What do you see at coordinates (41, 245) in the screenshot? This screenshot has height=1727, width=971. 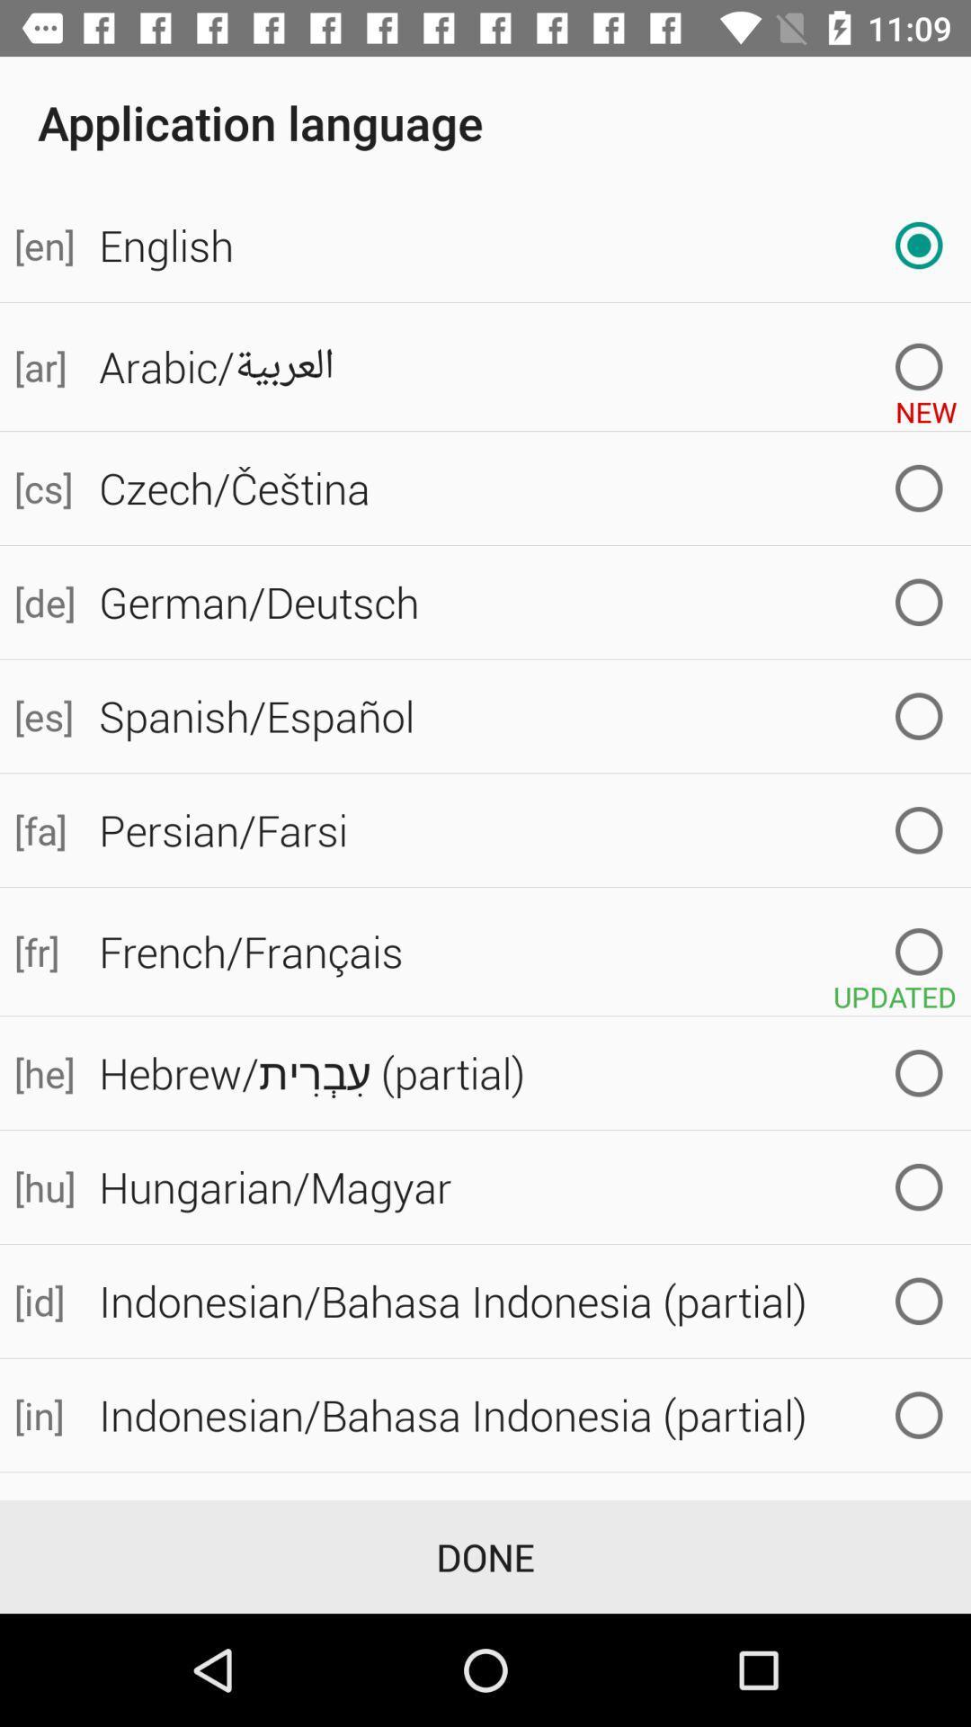 I see `item below the application language item` at bounding box center [41, 245].